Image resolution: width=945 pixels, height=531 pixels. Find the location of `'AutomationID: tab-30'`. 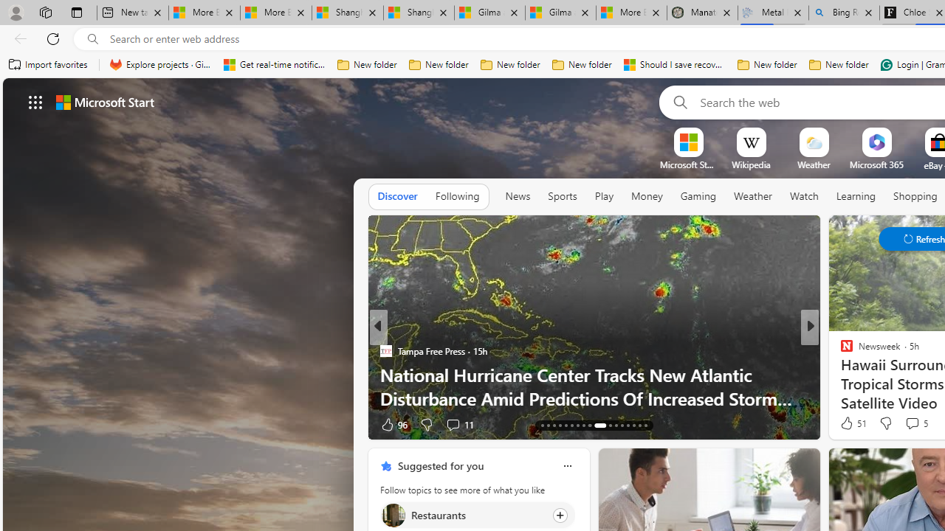

'AutomationID: tab-30' is located at coordinates (628, 426).